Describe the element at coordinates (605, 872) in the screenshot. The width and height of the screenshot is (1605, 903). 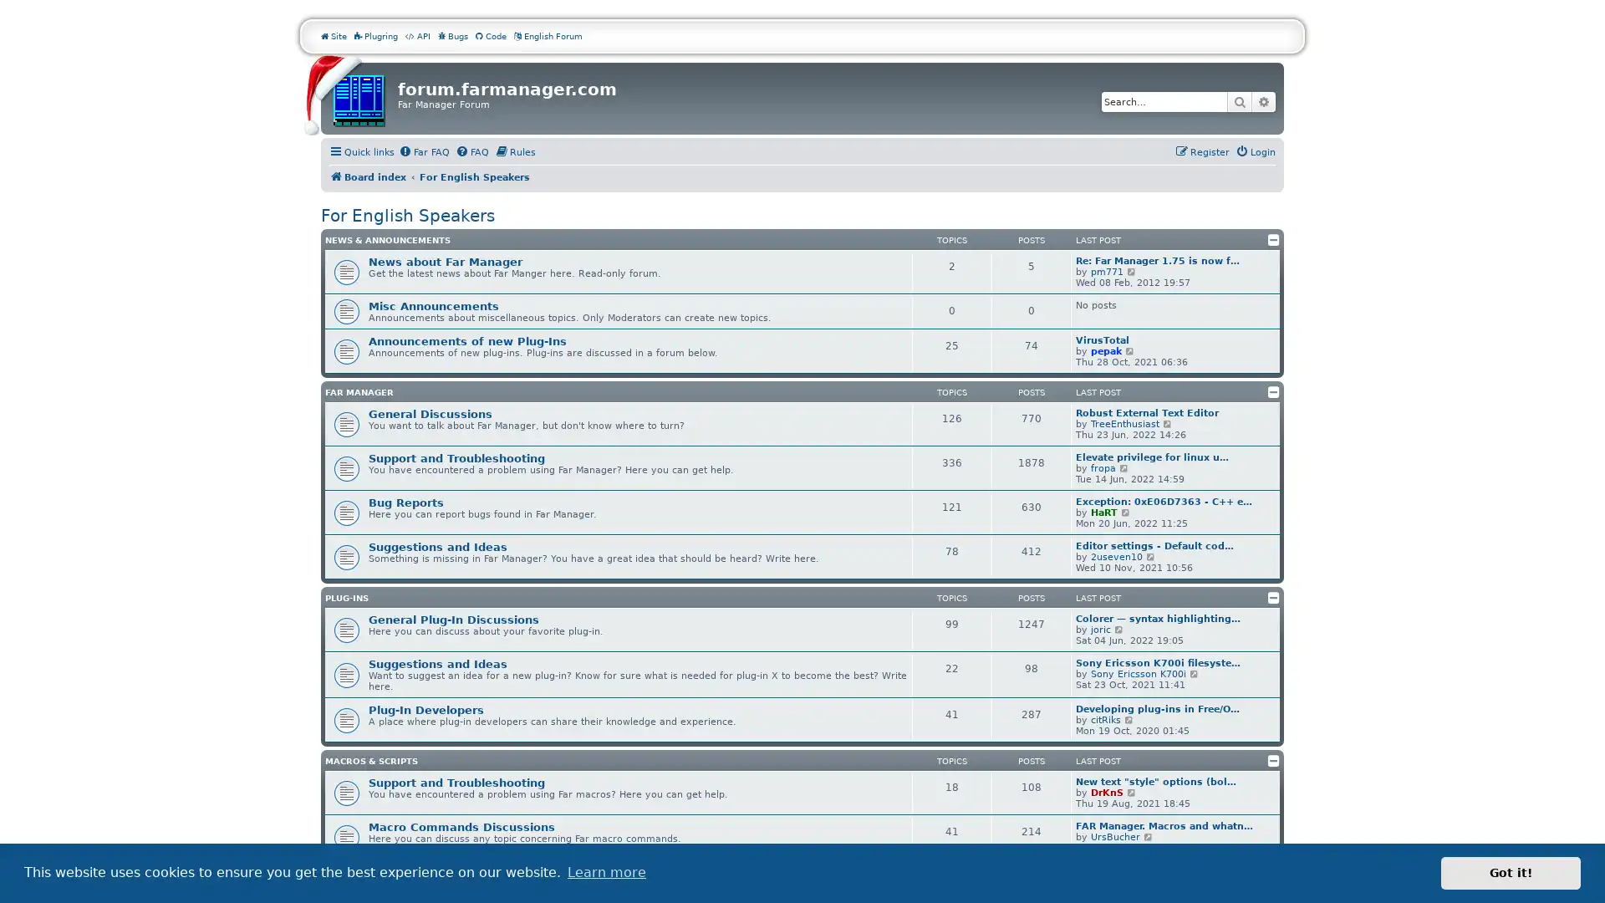
I see `learn more about cookies` at that location.